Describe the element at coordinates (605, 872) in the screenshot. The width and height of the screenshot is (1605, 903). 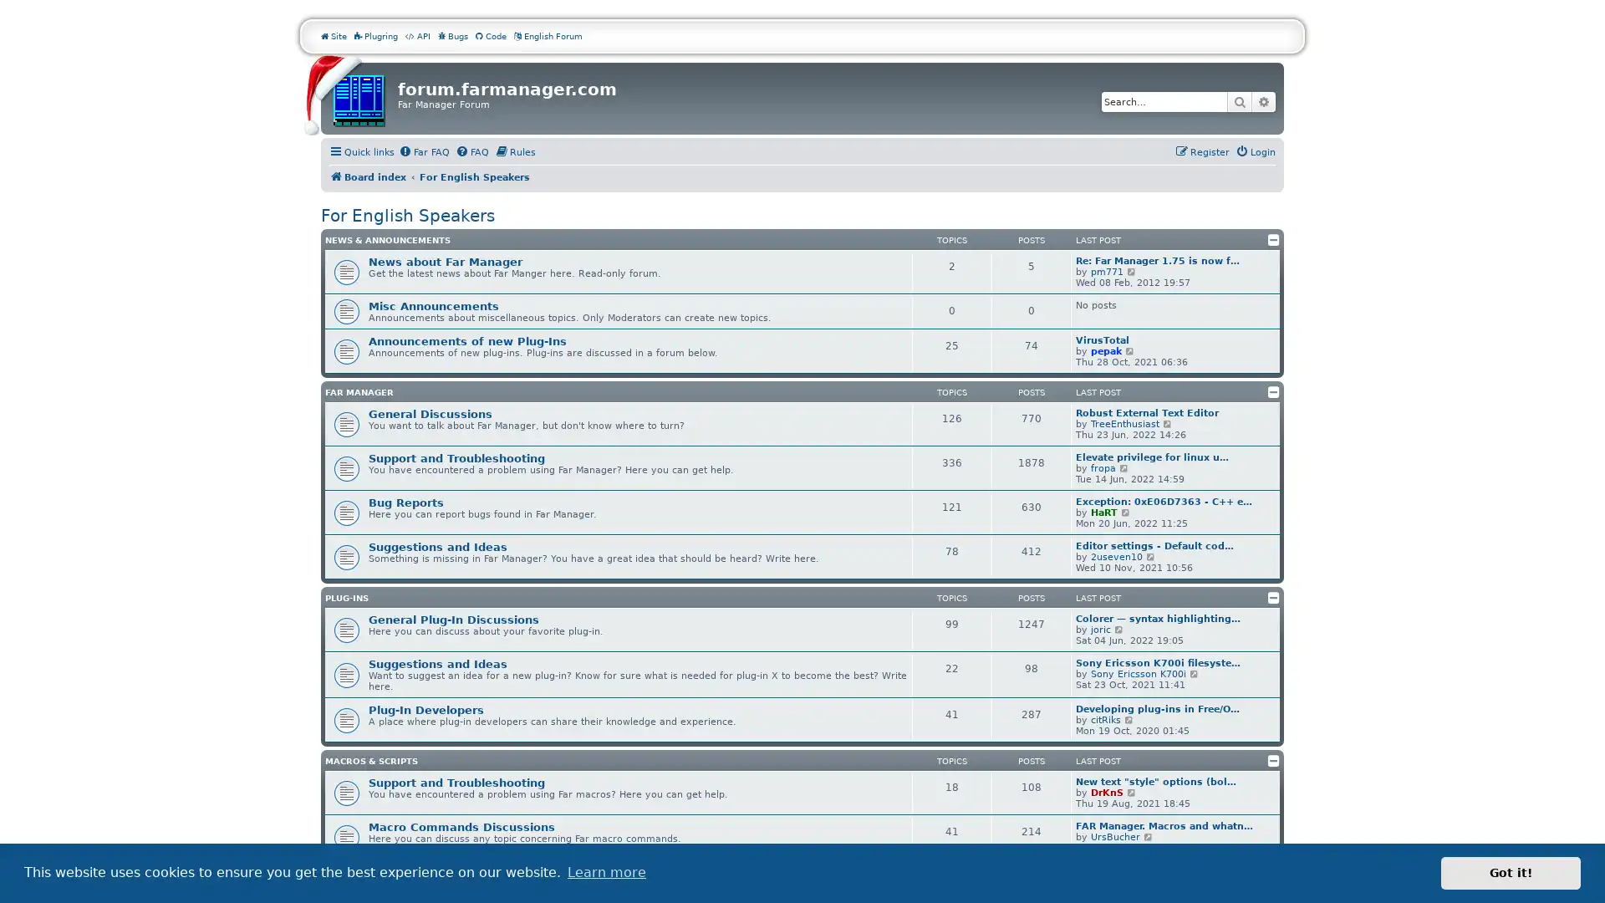
I see `learn more about cookies` at that location.